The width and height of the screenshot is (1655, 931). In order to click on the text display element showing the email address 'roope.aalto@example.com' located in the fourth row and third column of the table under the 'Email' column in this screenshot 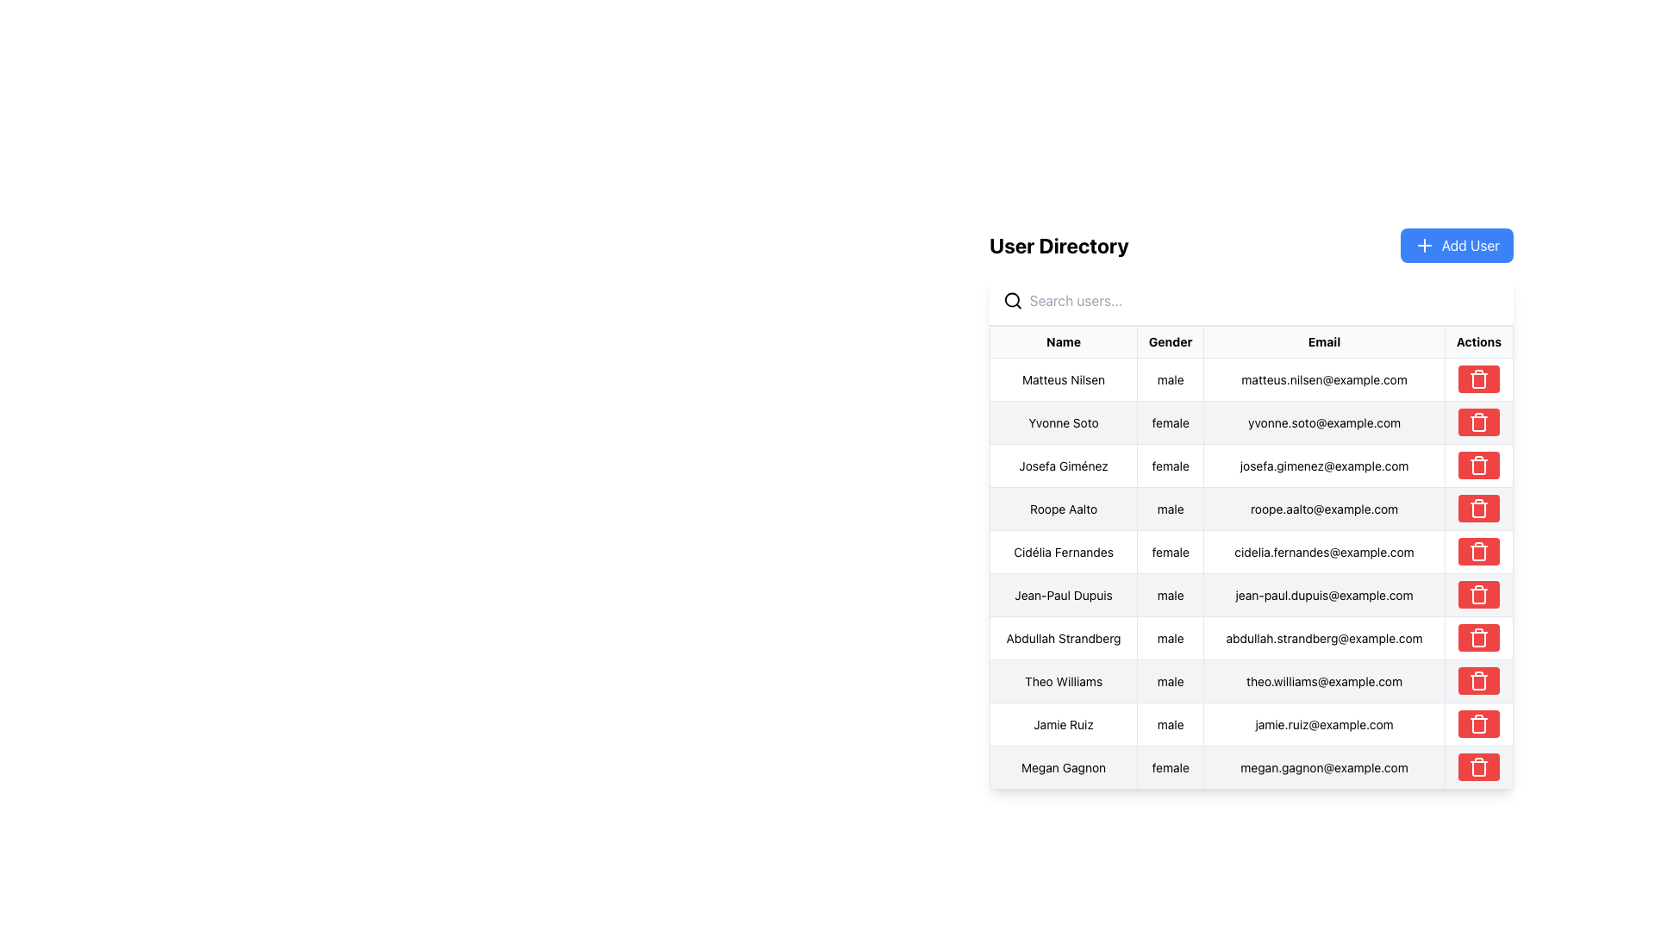, I will do `click(1323, 508)`.